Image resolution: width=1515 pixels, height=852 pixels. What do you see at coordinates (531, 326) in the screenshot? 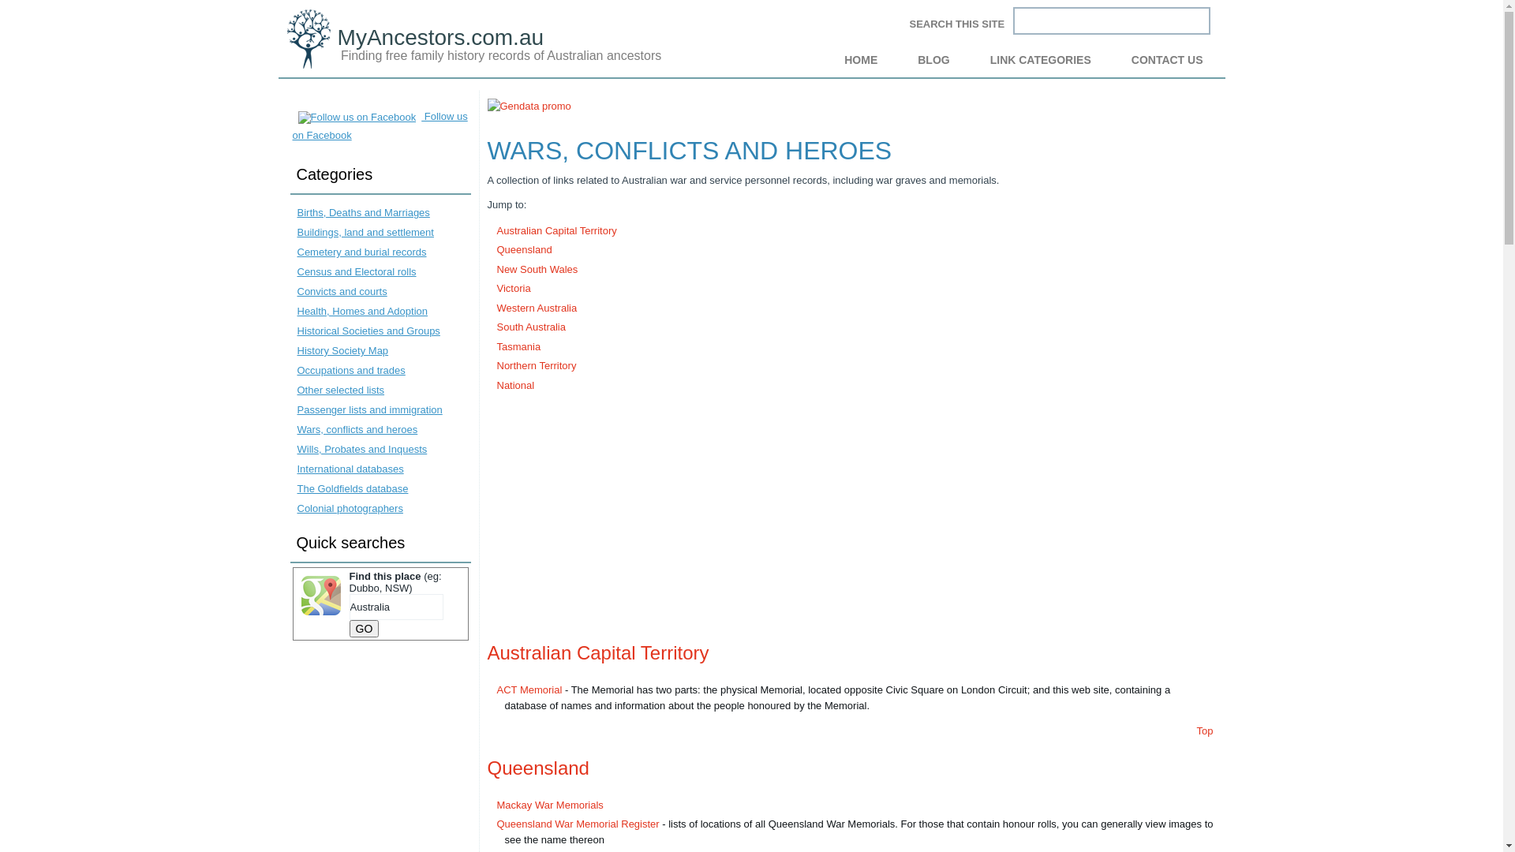
I see `'South Australia'` at bounding box center [531, 326].